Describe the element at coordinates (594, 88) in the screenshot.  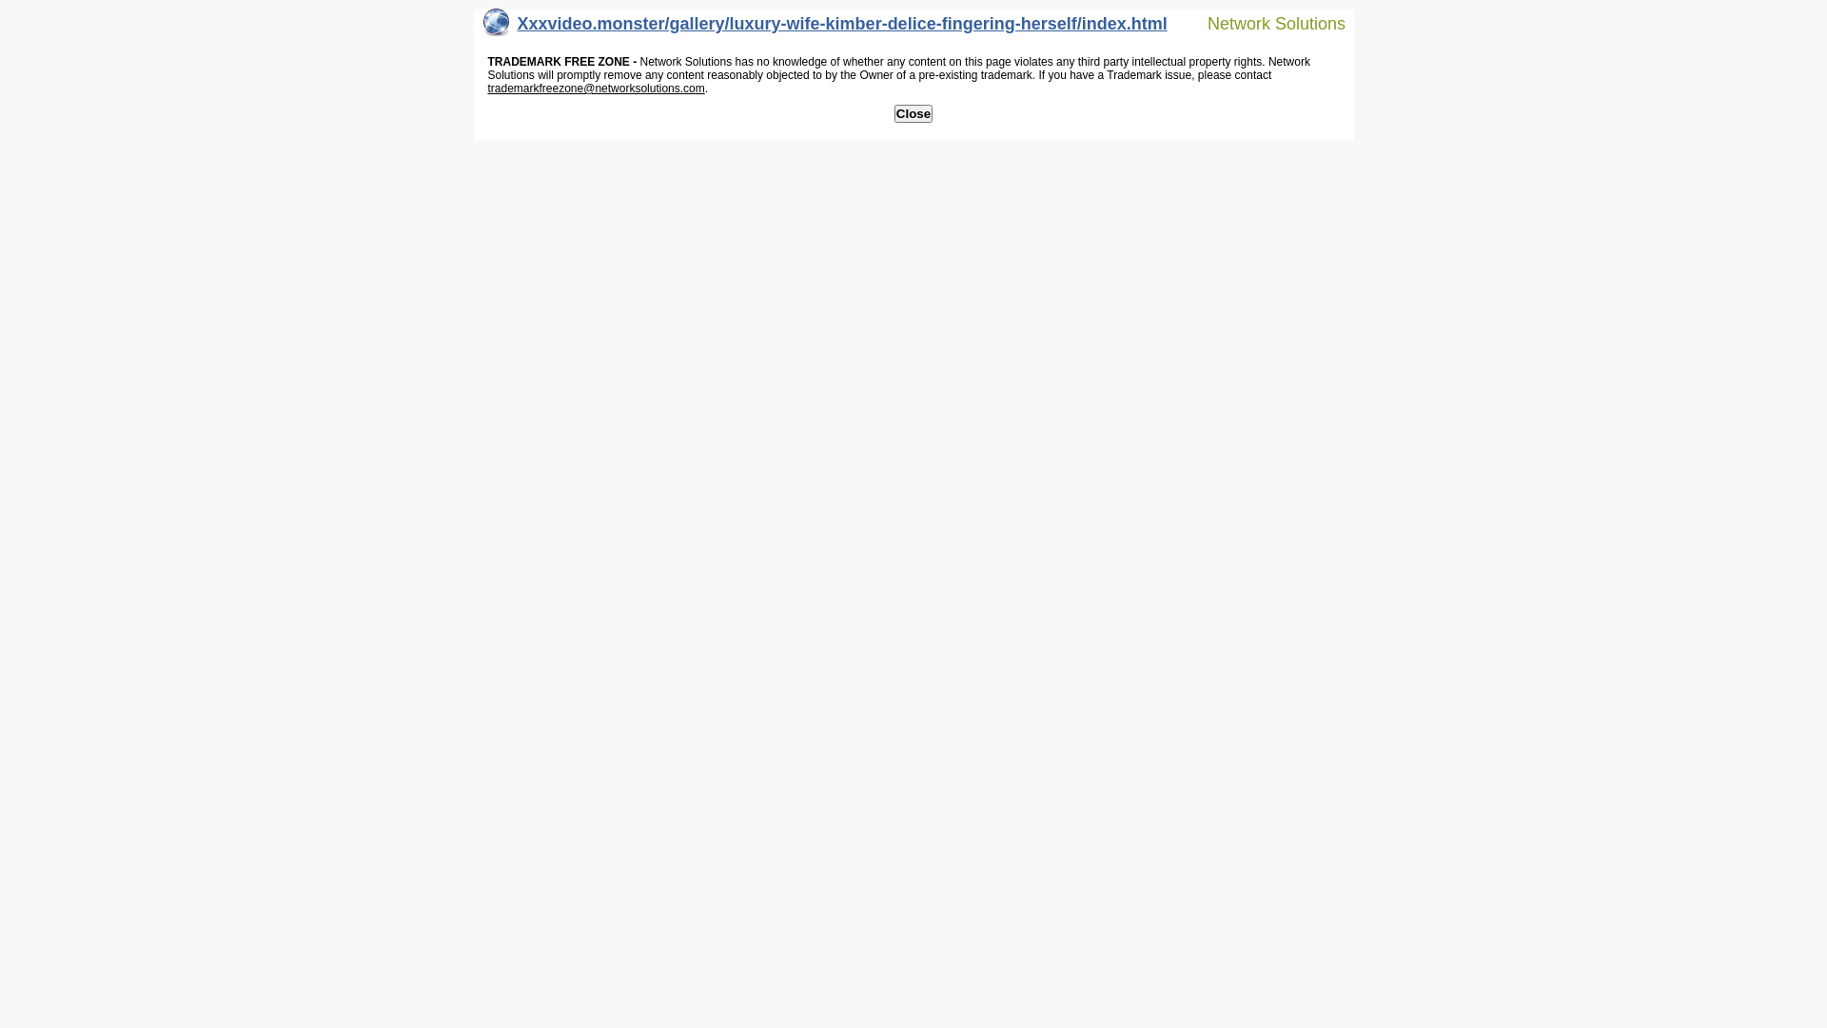
I see `'trademarkfreezone@networksolutions.com'` at that location.